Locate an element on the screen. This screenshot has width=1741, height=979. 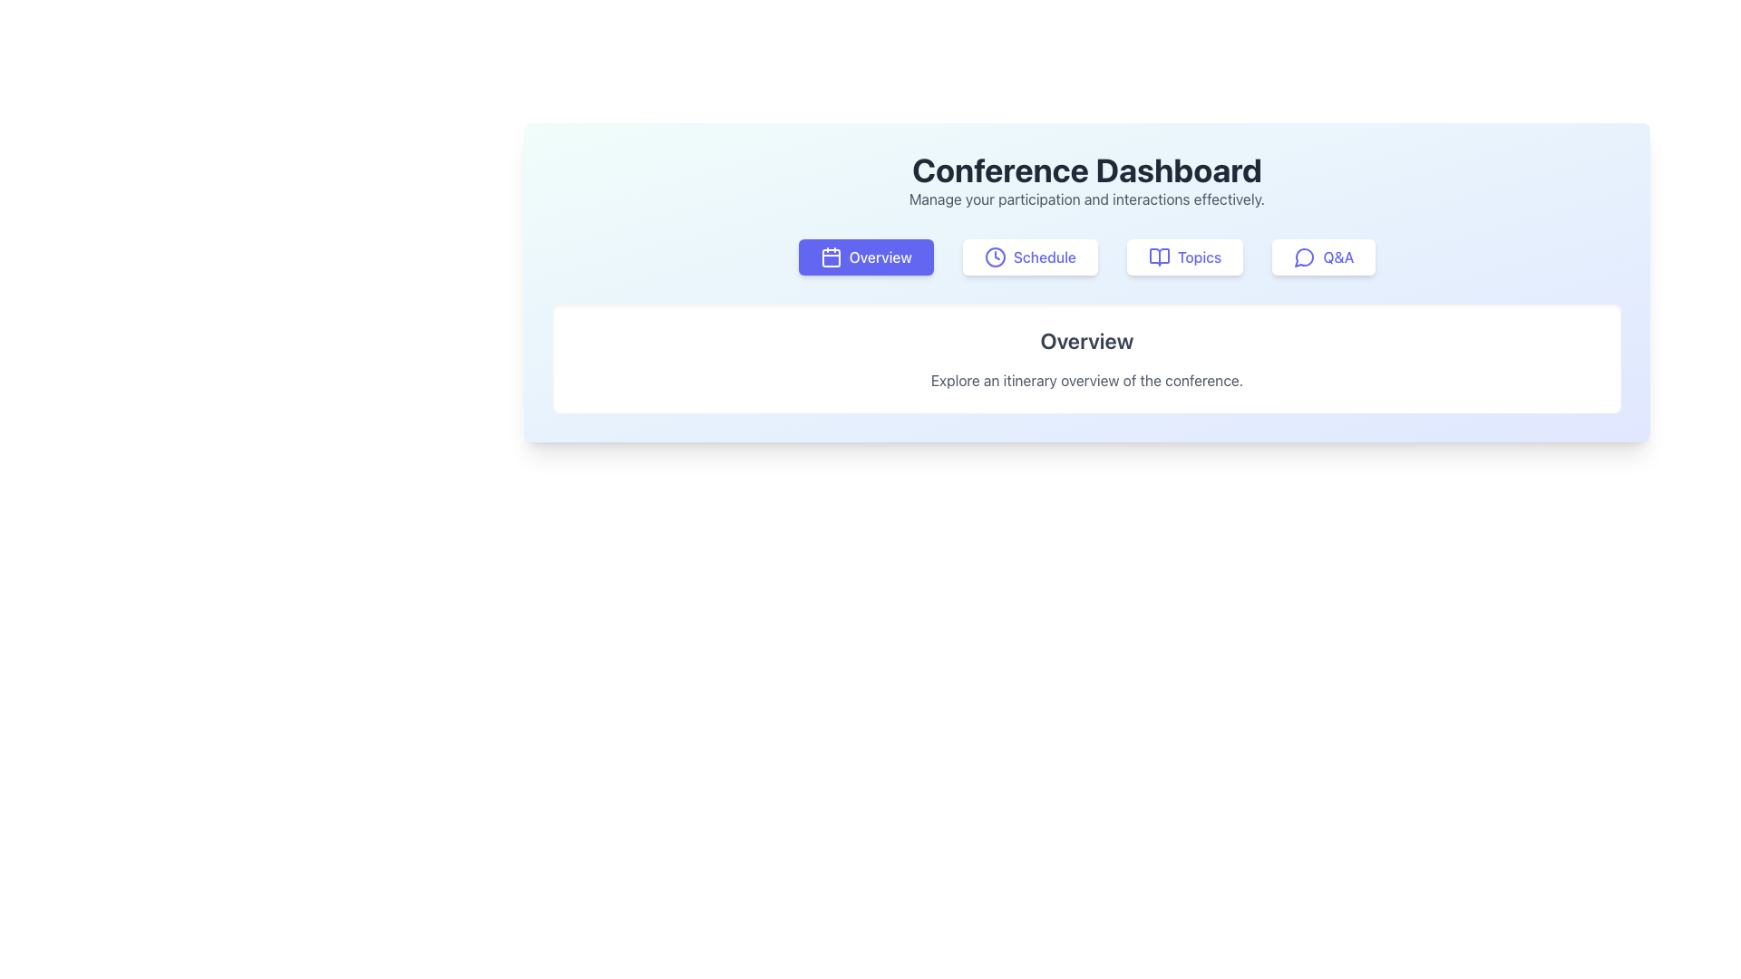
label text next to the speech bubble icon on the top-right navigation section, which guides users to the Q&A section is located at coordinates (1338, 257).